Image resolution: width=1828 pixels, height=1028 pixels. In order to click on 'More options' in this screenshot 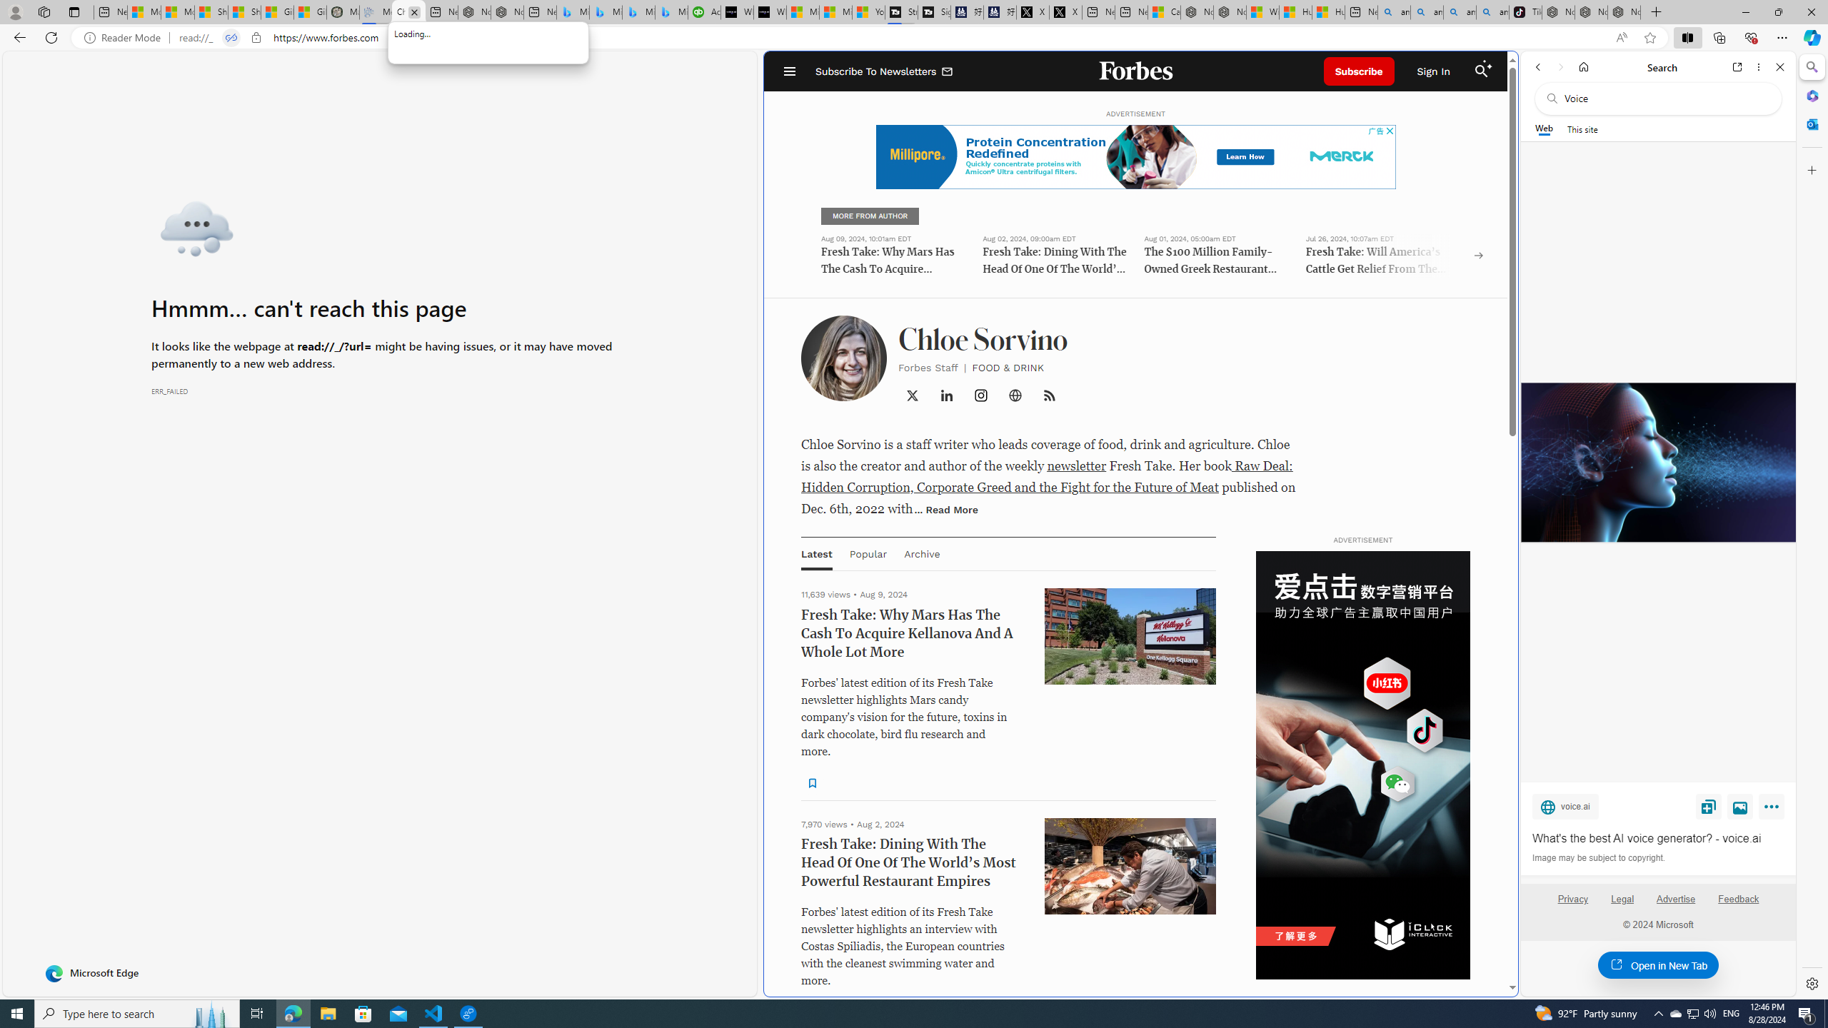, I will do `click(1759, 66)`.